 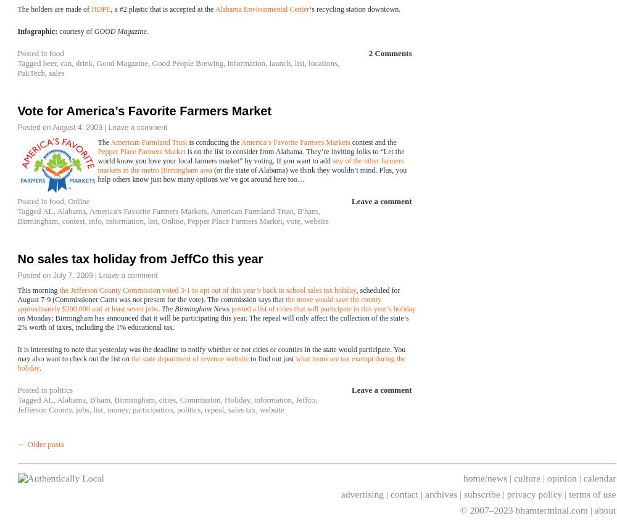 I want to click on '© 2007–2023 bhamterminal.com |', so click(x=526, y=509).